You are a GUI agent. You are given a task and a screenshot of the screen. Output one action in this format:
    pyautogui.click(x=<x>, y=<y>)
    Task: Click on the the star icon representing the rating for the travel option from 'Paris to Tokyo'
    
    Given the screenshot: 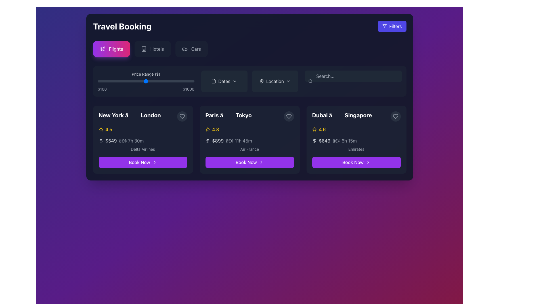 What is the action you would take?
    pyautogui.click(x=207, y=129)
    